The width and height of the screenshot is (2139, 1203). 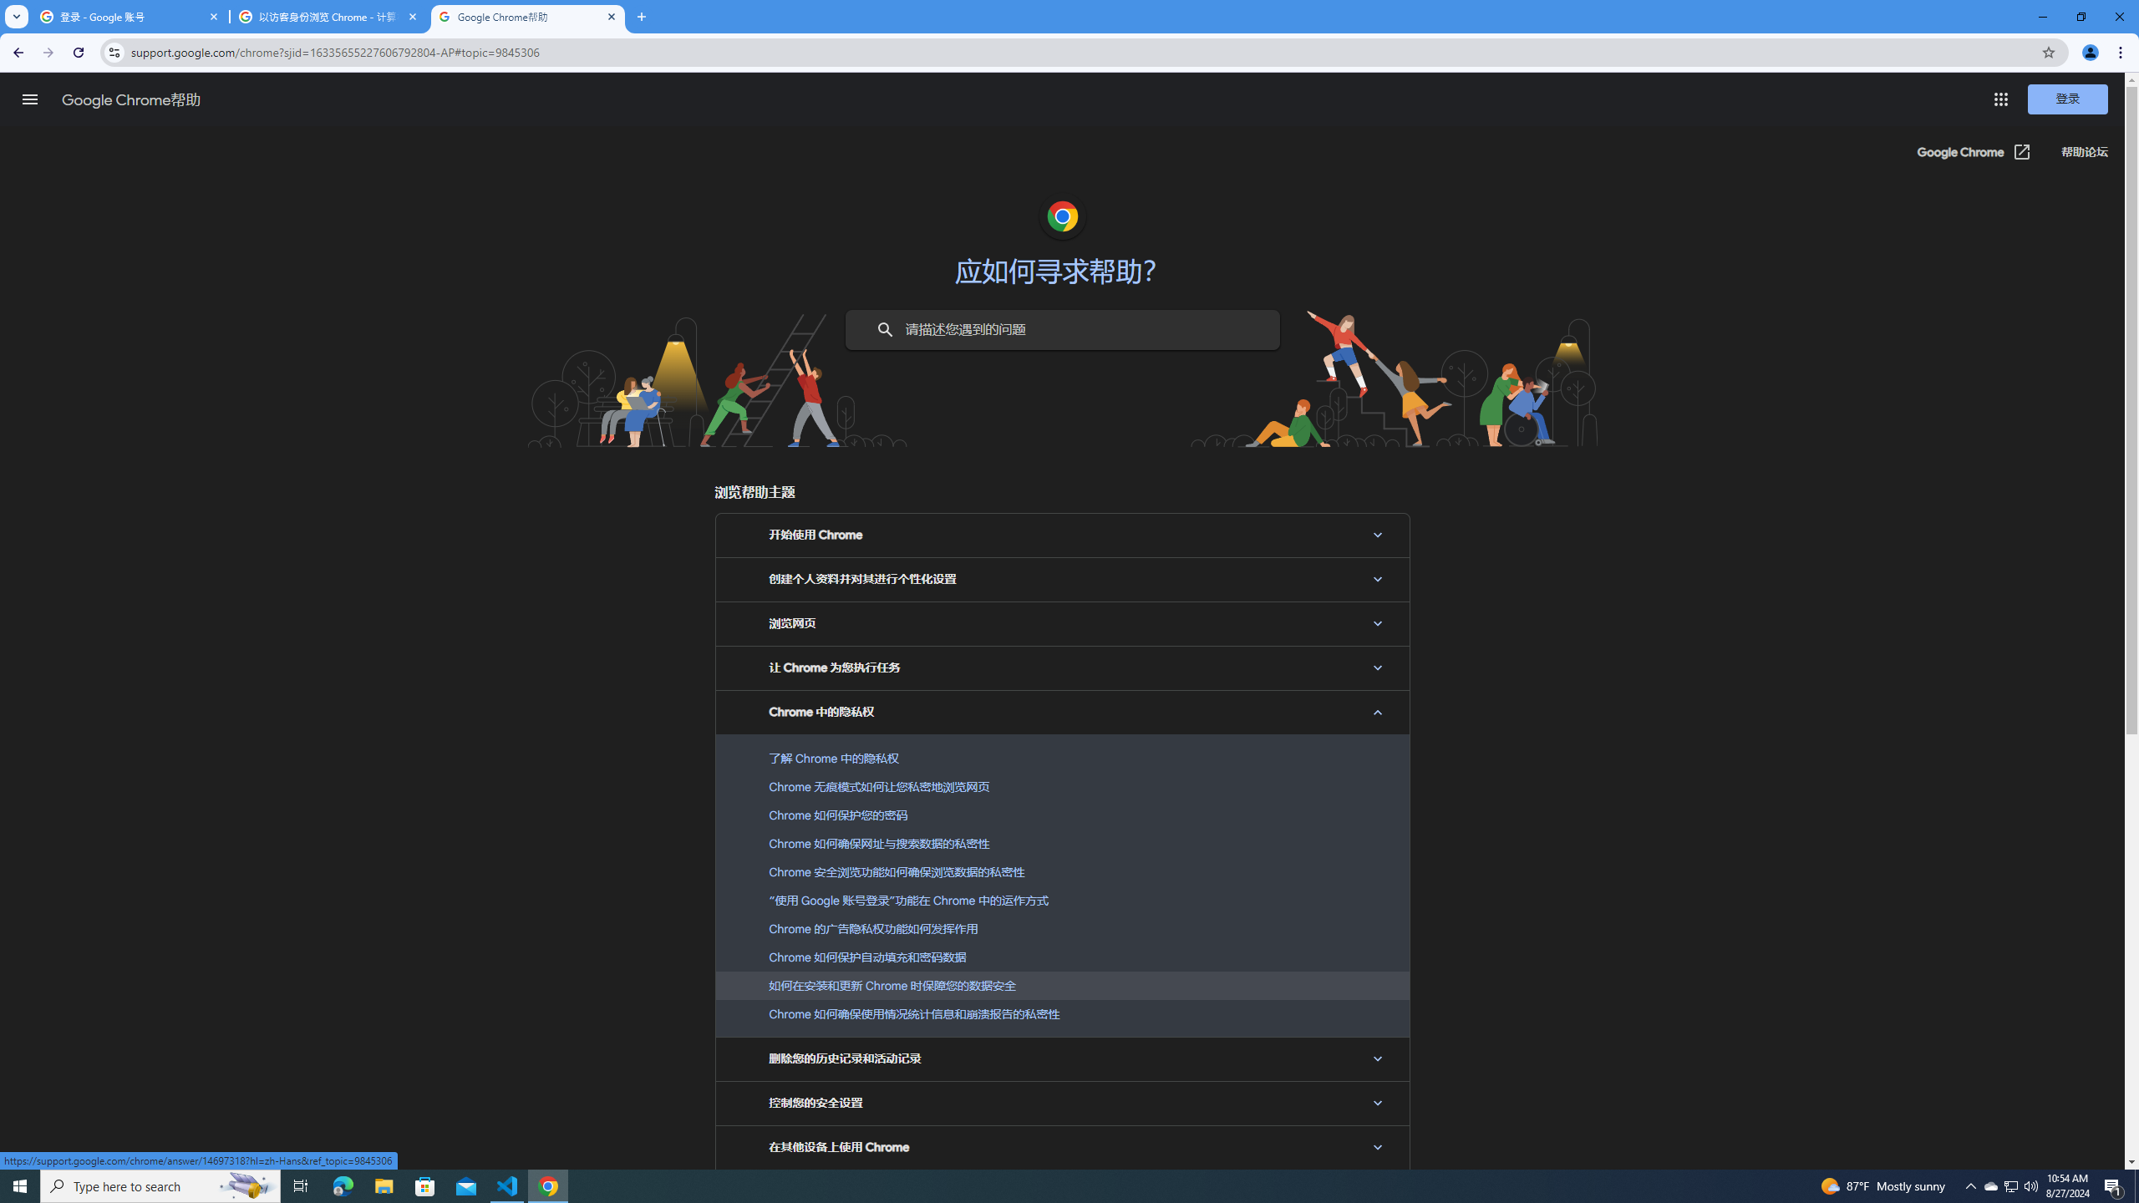 I want to click on 'Minimize', so click(x=2041, y=16).